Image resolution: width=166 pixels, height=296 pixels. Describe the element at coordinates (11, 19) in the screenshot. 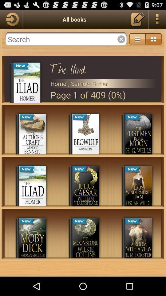

I see `share the article` at that location.